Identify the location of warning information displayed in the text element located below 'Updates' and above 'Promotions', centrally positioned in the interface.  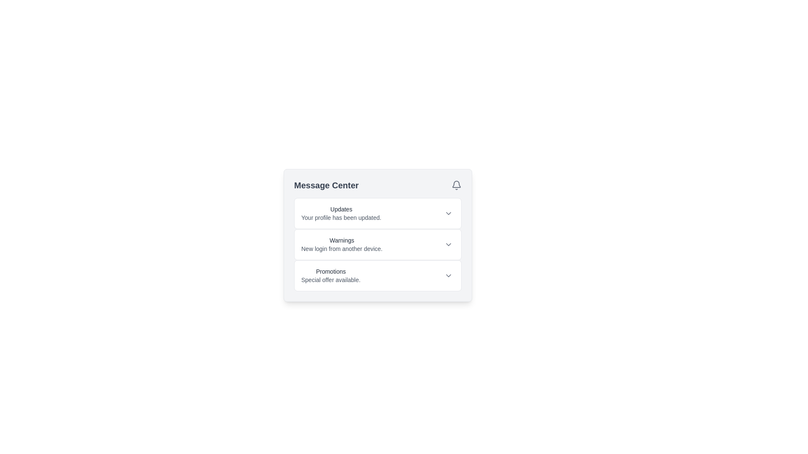
(342, 245).